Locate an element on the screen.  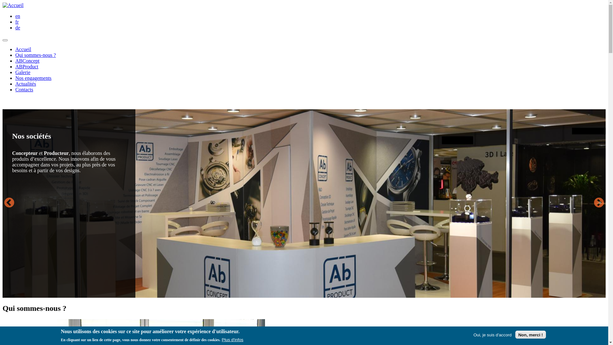
'de' is located at coordinates (18, 27).